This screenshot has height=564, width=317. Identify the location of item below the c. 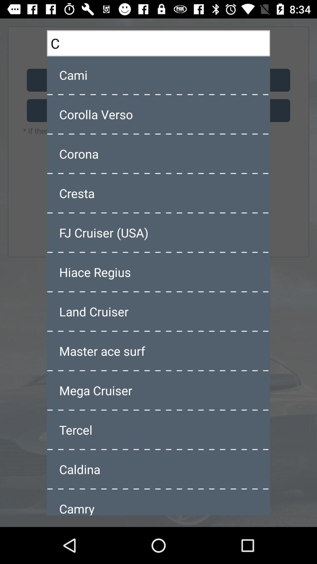
(158, 74).